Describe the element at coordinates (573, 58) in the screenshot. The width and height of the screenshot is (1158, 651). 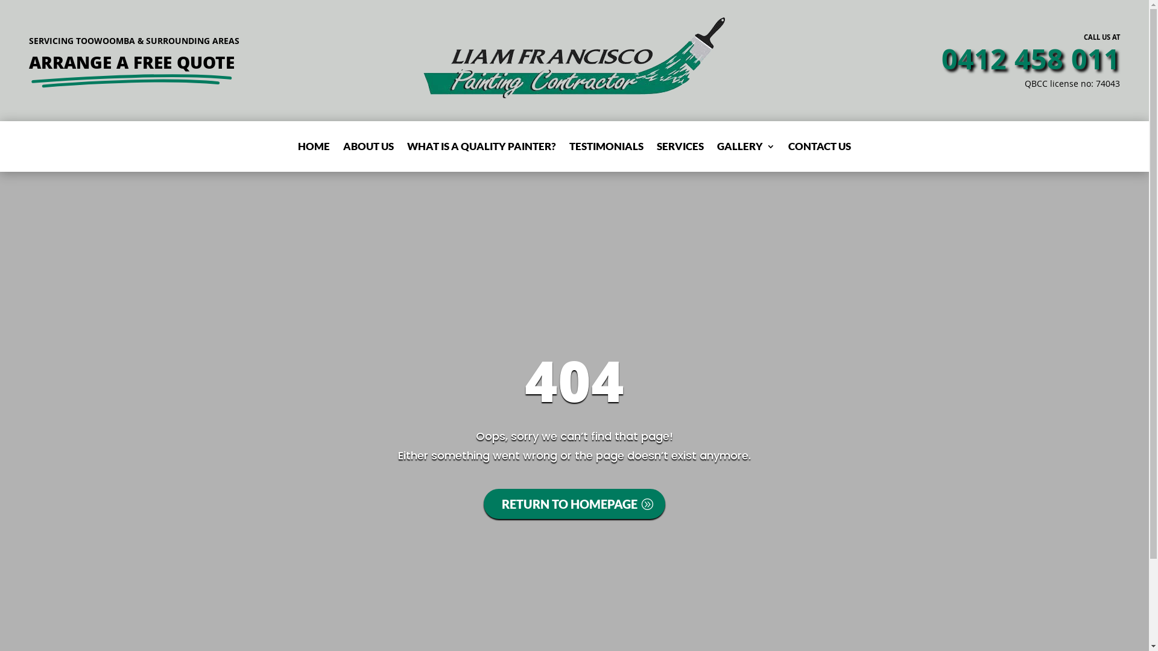
I see `'Liam Francisco Painting Toowoomba Logo'` at that location.